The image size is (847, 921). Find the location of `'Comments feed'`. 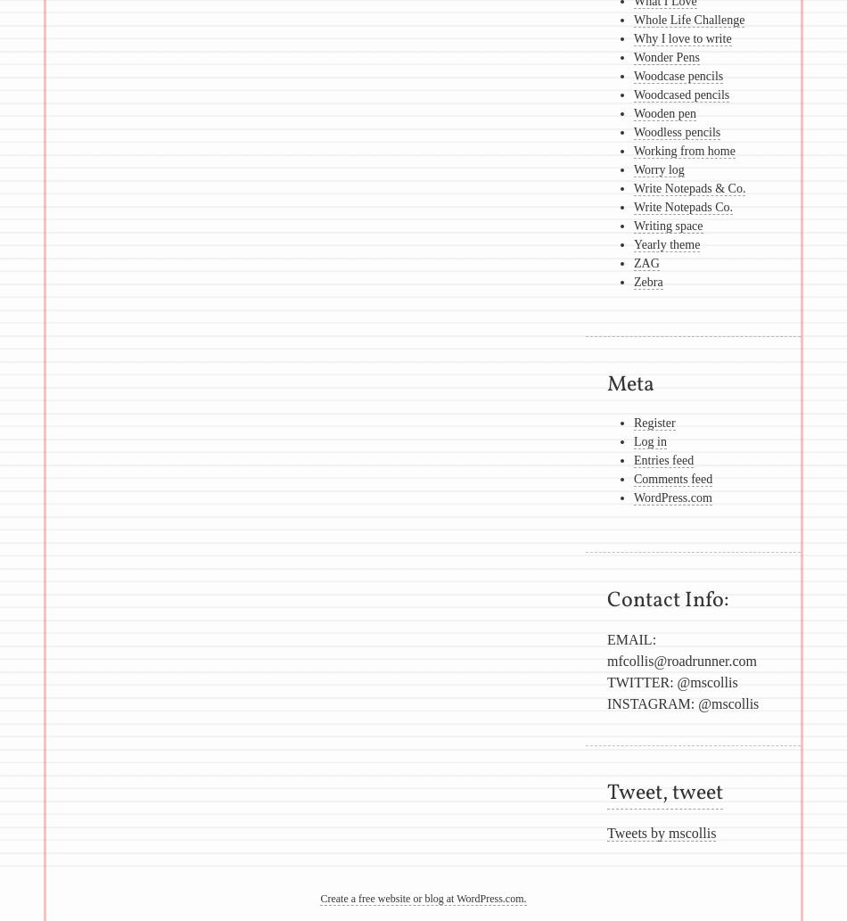

'Comments feed' is located at coordinates (633, 478).